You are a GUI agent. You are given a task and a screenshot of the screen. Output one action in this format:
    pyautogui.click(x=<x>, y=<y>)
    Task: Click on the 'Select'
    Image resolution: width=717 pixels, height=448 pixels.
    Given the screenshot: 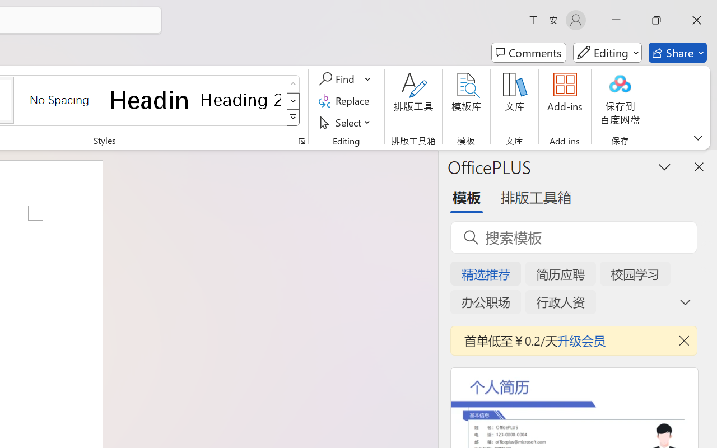 What is the action you would take?
    pyautogui.click(x=346, y=122)
    